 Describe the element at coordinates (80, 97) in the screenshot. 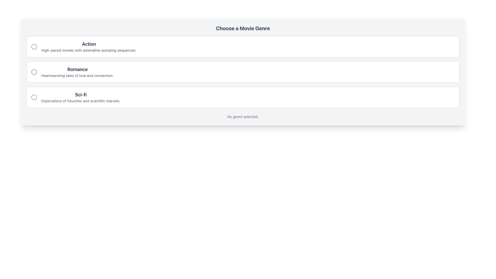

I see `the third list item that displays the title and description of the 'Sci-fi' genre to select and confirm the genre` at that location.